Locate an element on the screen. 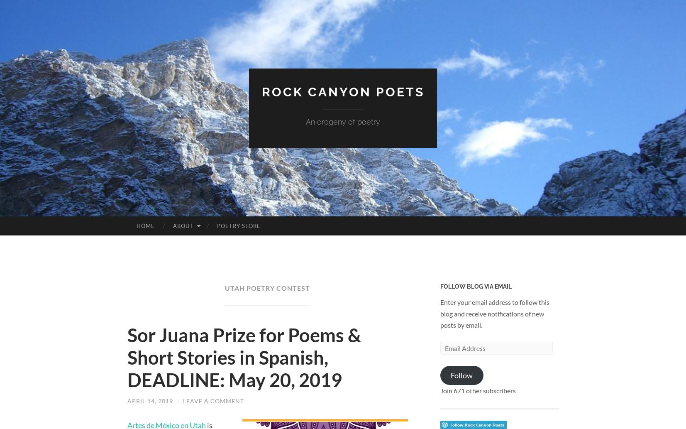 Image resolution: width=686 pixels, height=429 pixels. 'An orogeny of poetry' is located at coordinates (342, 121).